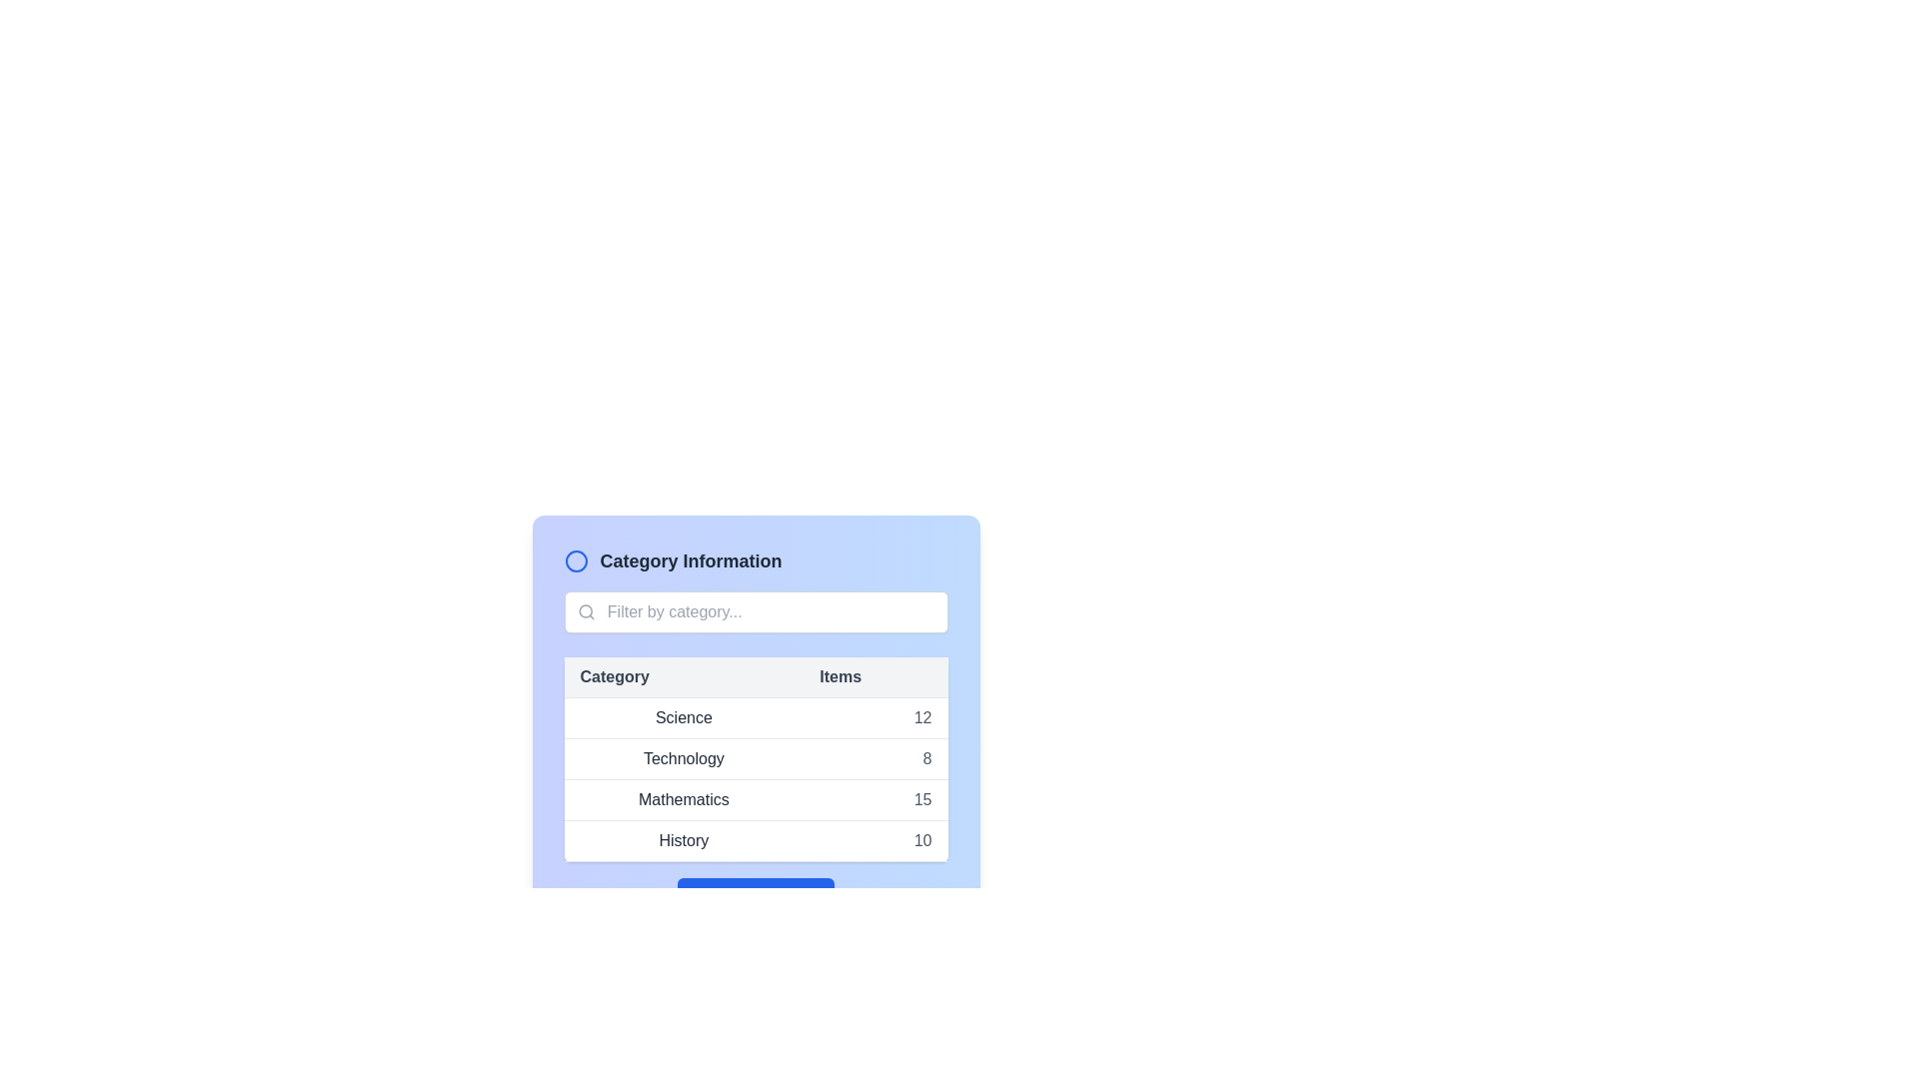 The height and width of the screenshot is (1079, 1919). Describe the element at coordinates (755, 895) in the screenshot. I see `the button located at the bottom of the card layout` at that location.